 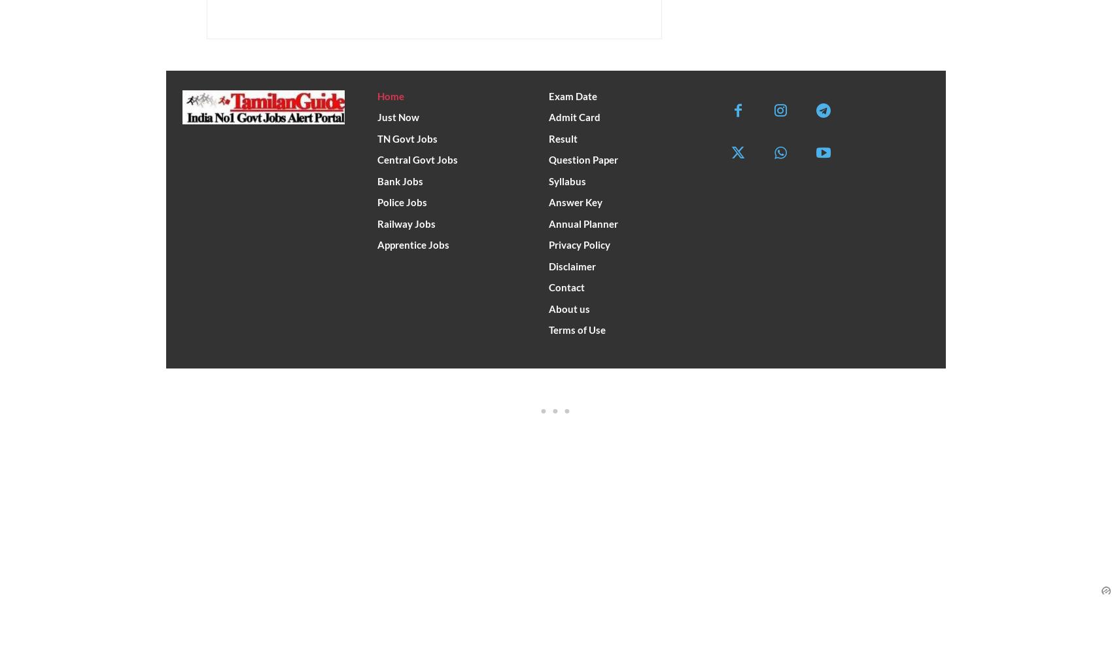 I want to click on 'Syllabus', so click(x=567, y=180).